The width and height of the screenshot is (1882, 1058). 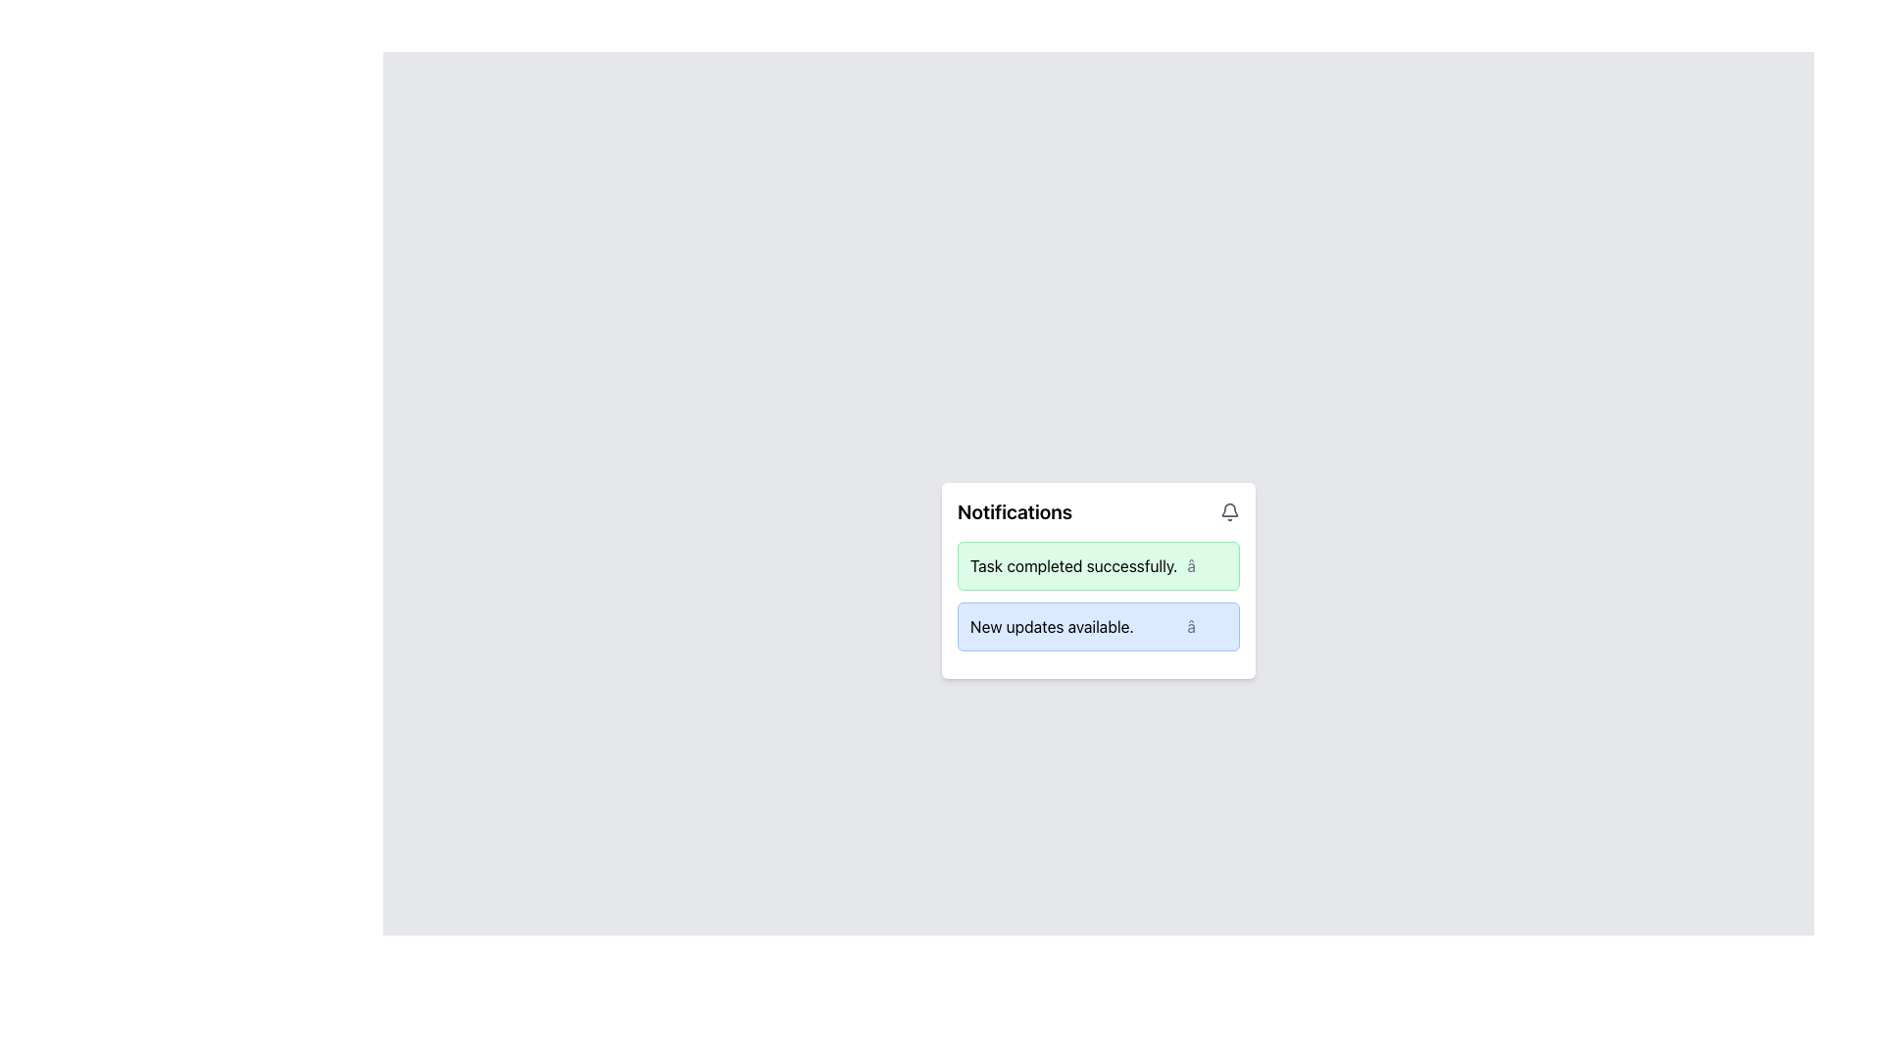 I want to click on the informational static text notifying the user about new updates, which is positioned left of the interactive icon marked with '✓', so click(x=1051, y=627).